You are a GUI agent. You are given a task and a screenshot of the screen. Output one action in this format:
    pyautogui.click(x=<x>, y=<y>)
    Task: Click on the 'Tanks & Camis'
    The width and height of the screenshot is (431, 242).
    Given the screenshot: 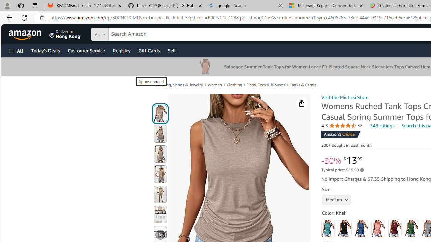 What is the action you would take?
    pyautogui.click(x=302, y=84)
    